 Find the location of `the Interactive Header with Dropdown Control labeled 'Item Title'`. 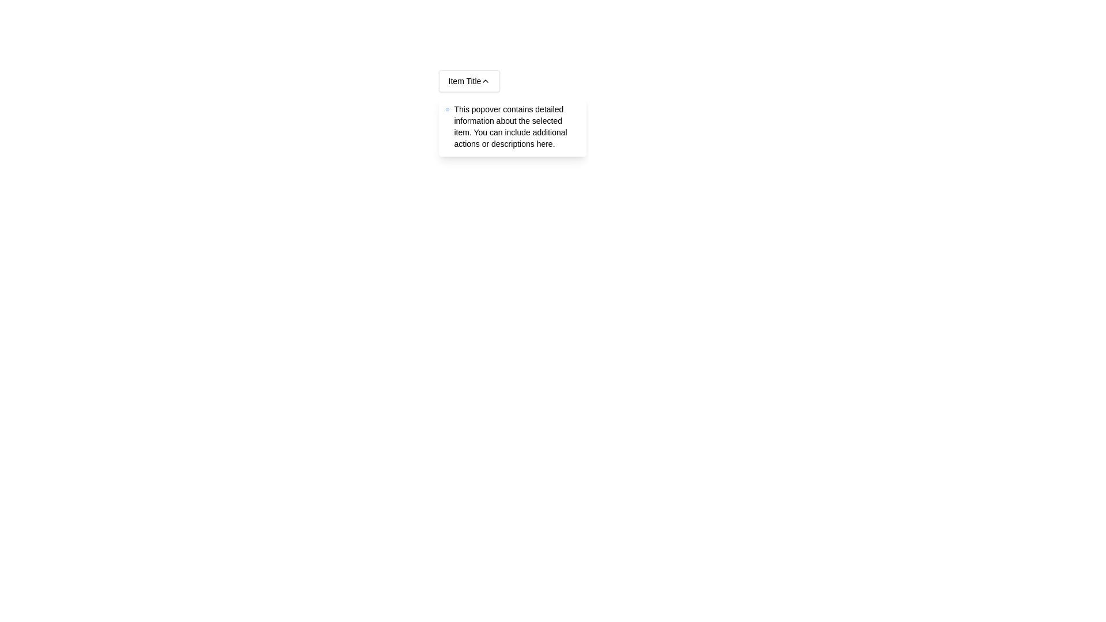

the Interactive Header with Dropdown Control labeled 'Item Title' is located at coordinates (469, 81).